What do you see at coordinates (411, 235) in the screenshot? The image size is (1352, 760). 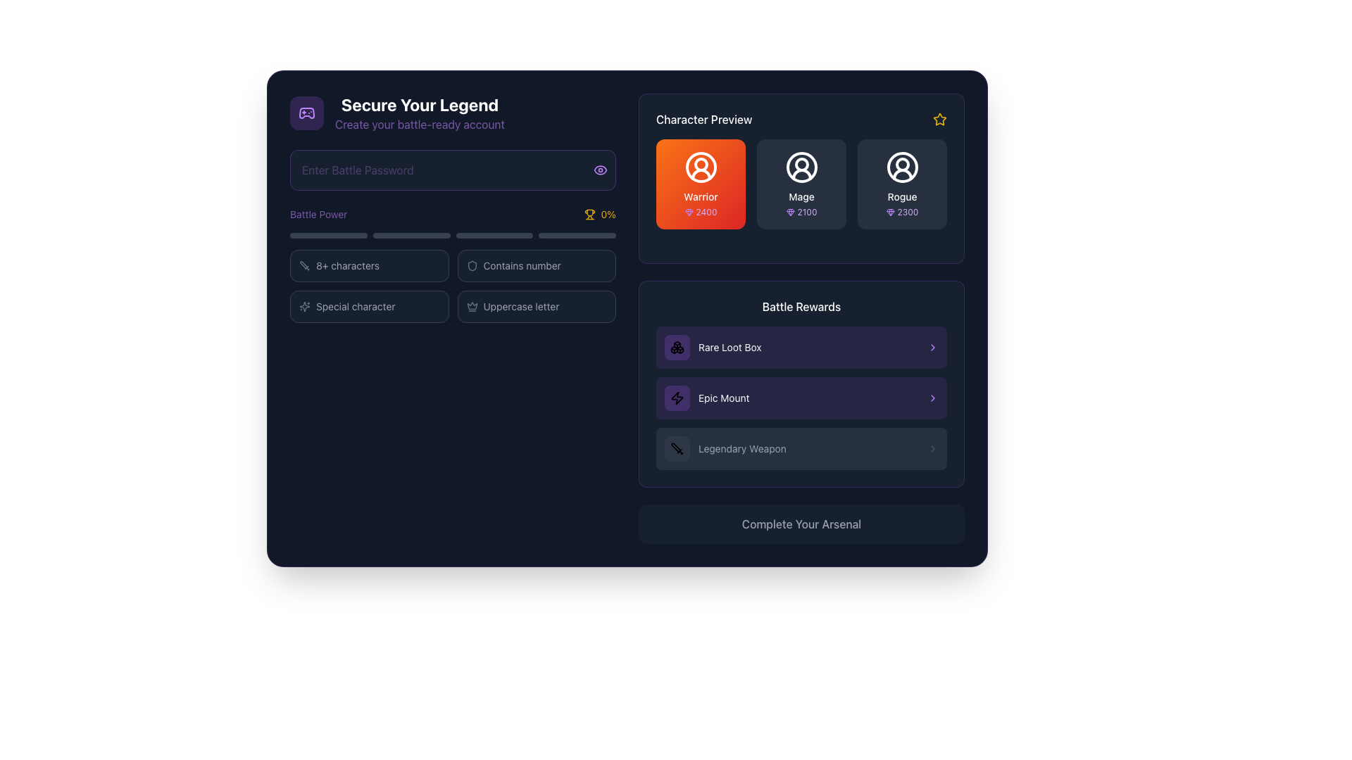 I see `the visual representation of the second progress indicator segment within the 'Battle Power' section, which is part of a grid layout of four identical elements` at bounding box center [411, 235].